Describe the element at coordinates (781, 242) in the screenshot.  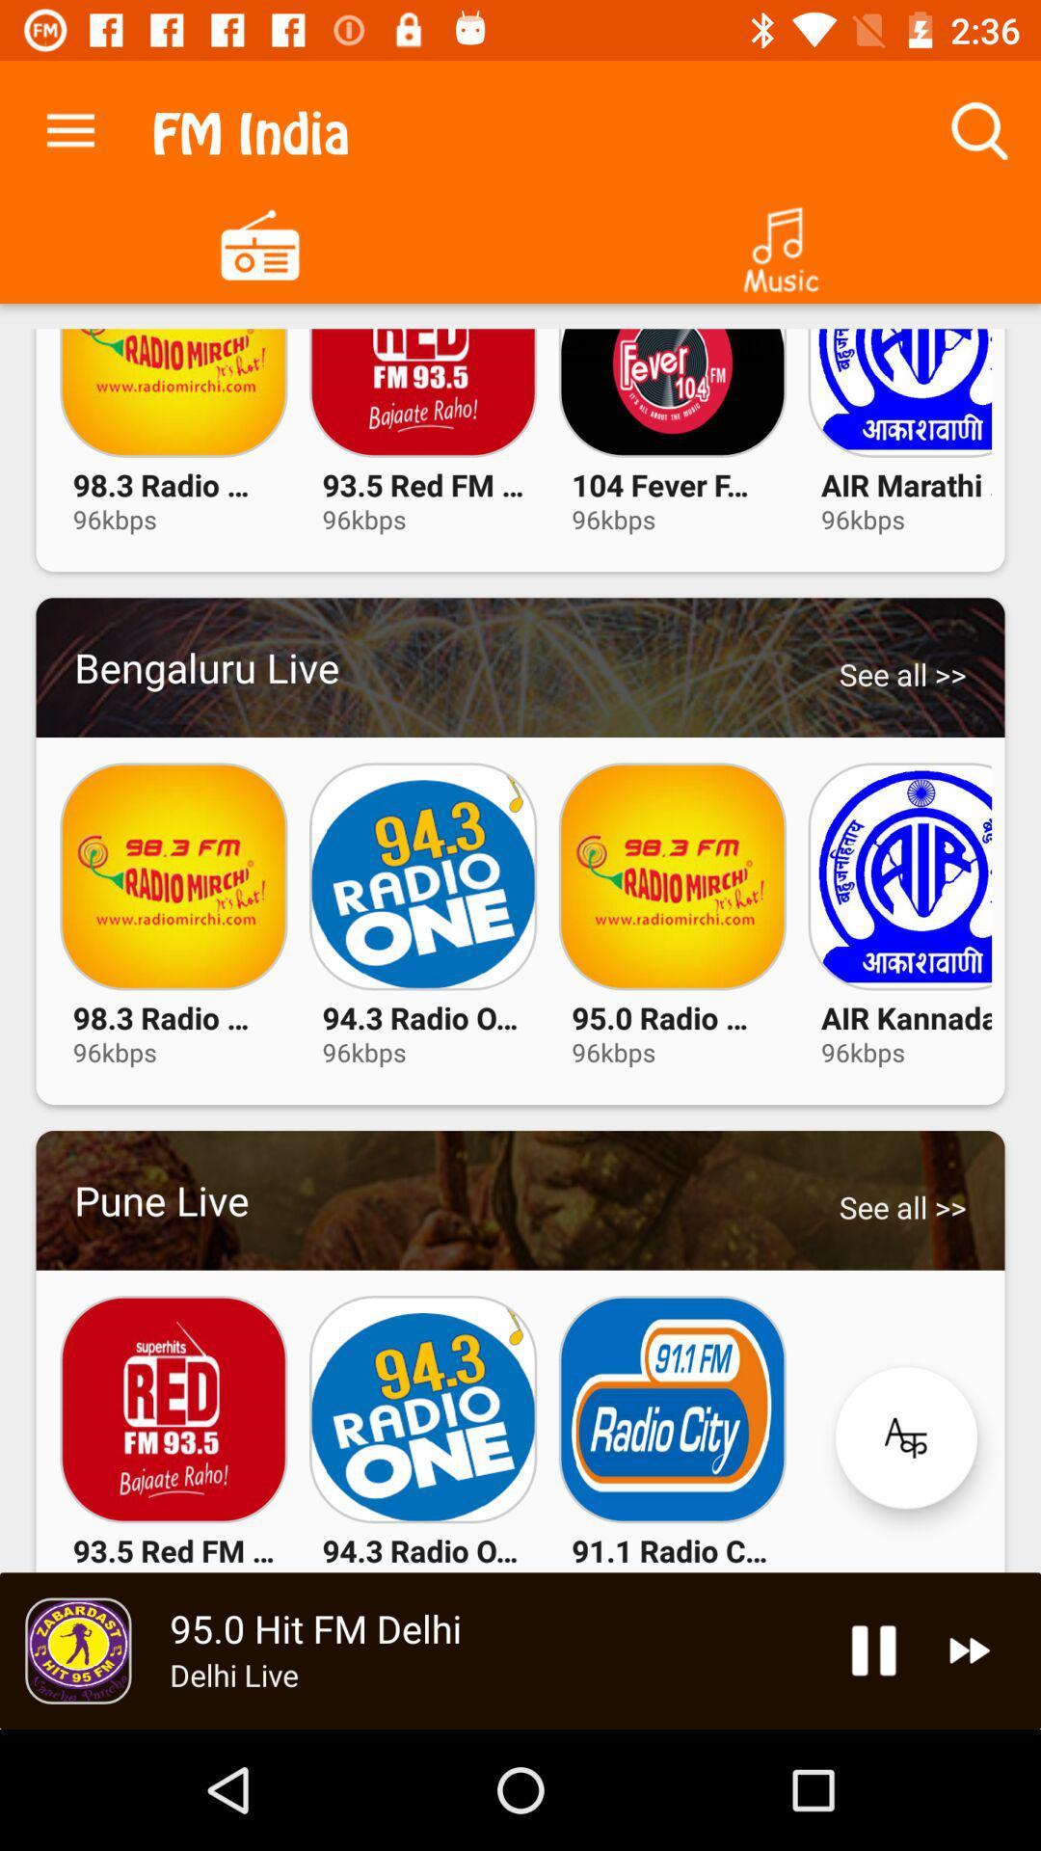
I see `switch music` at that location.